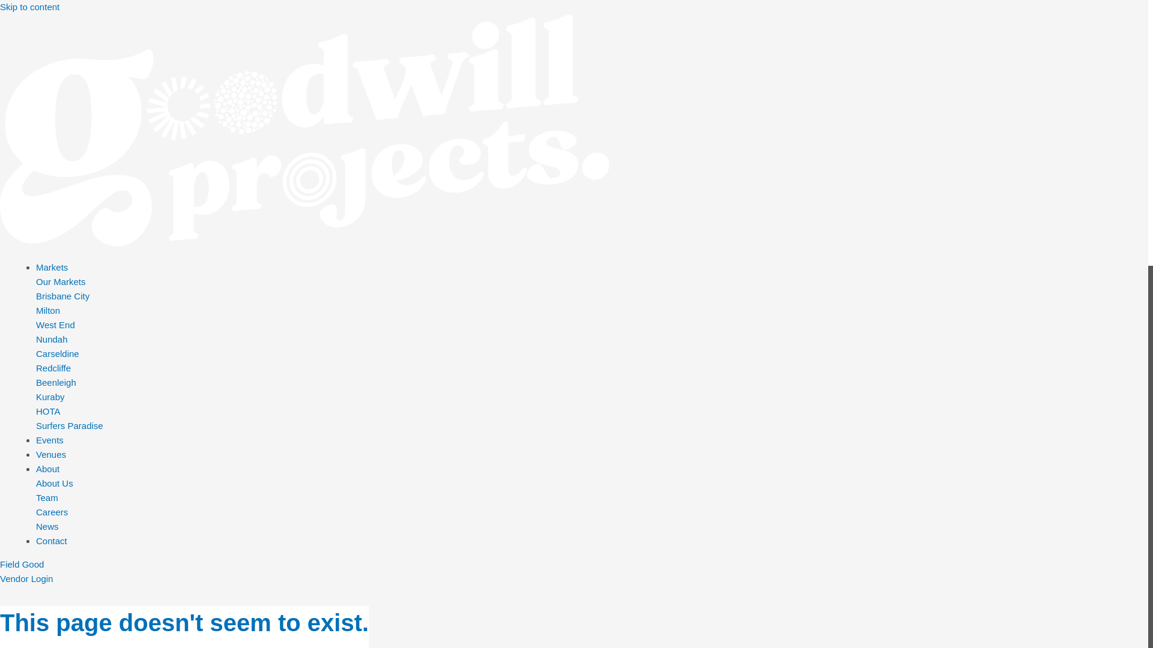 The width and height of the screenshot is (1153, 648). What do you see at coordinates (35, 512) in the screenshot?
I see `'Careers'` at bounding box center [35, 512].